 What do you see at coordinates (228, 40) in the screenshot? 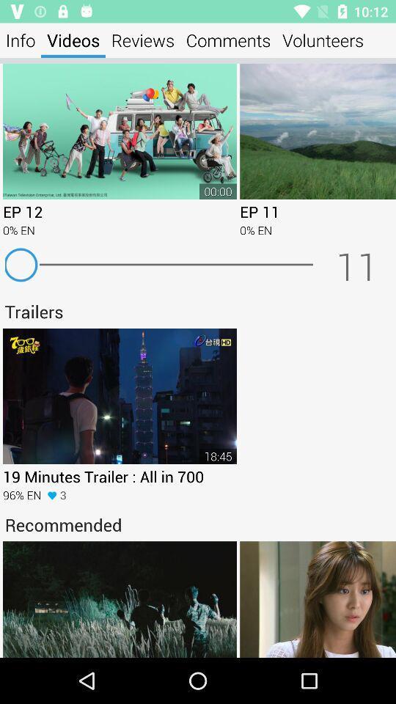
I see `item next to volunteers icon` at bounding box center [228, 40].